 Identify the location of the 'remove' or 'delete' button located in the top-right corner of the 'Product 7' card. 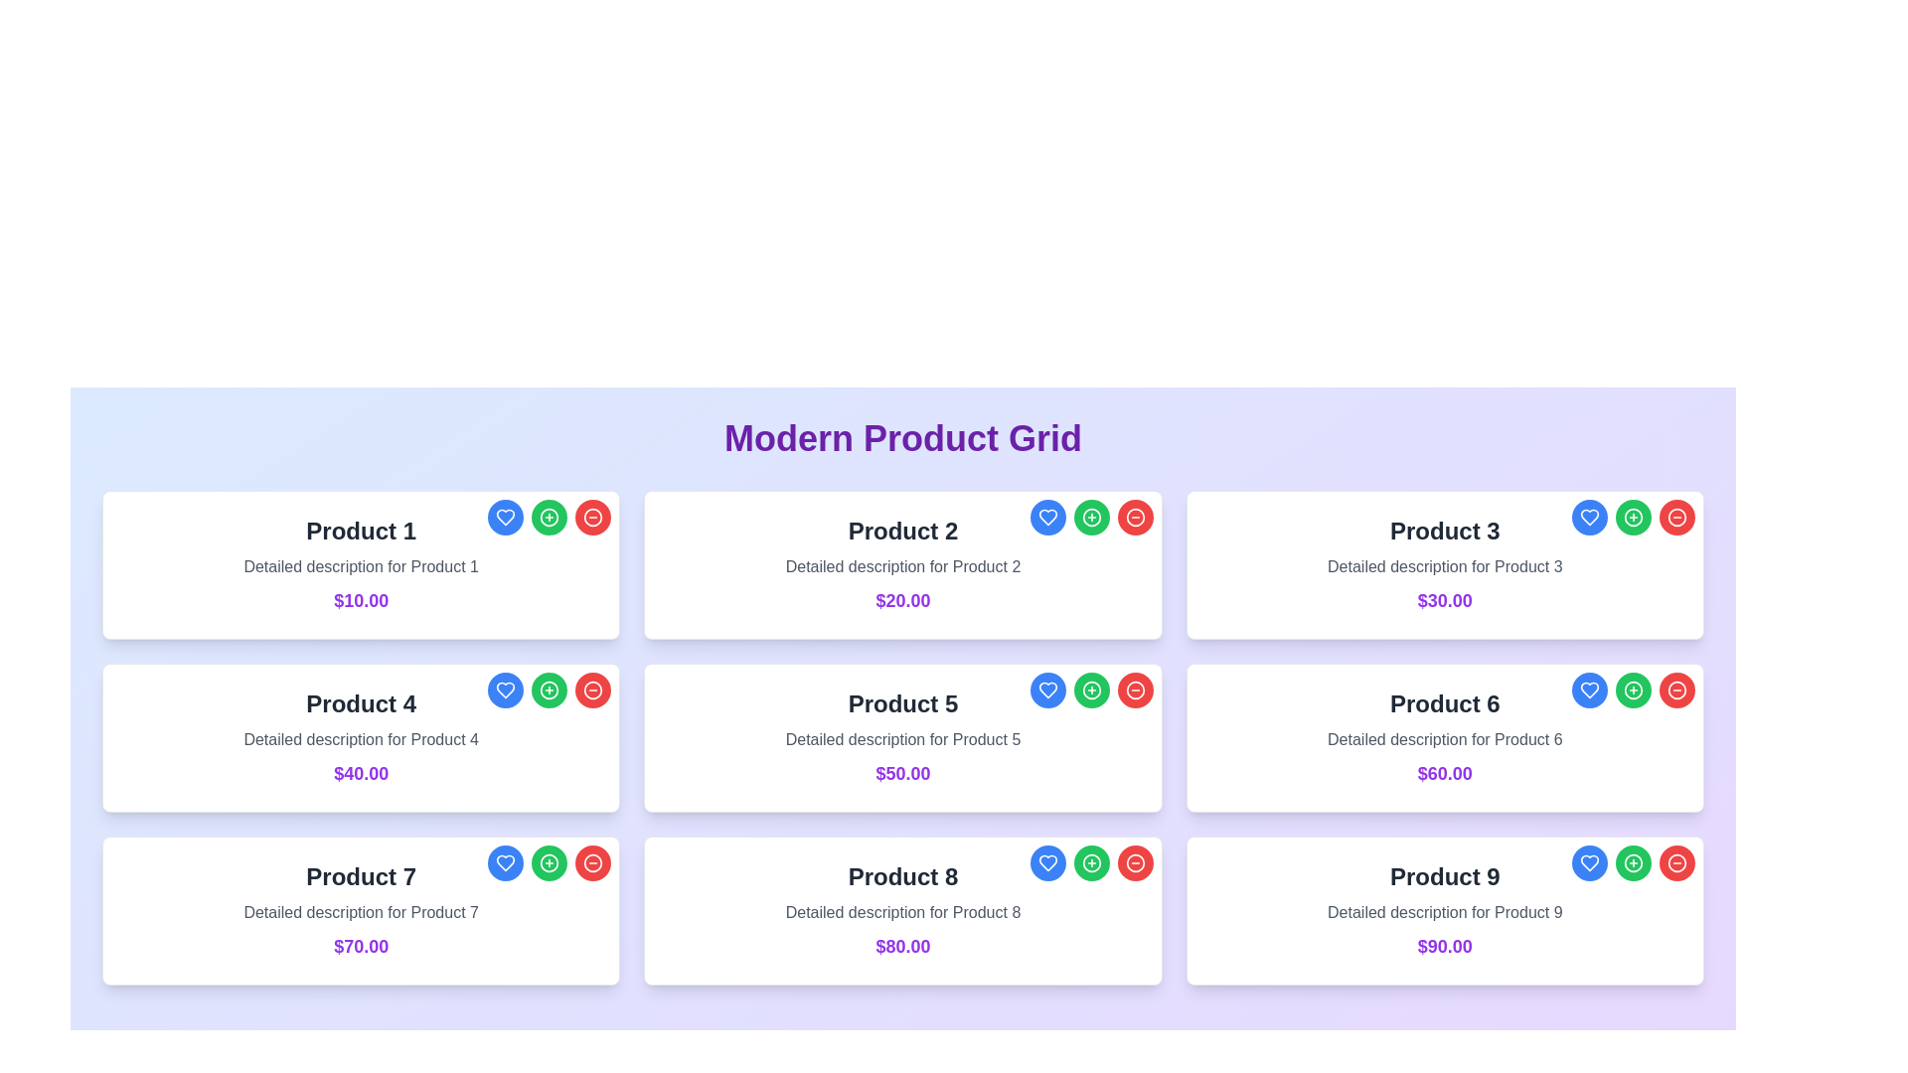
(591, 861).